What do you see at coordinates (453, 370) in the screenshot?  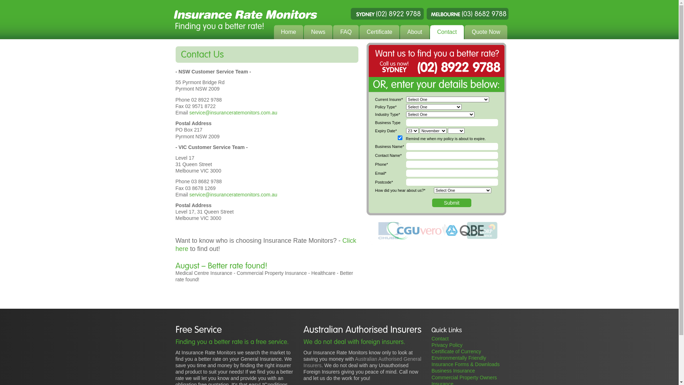 I see `'Business Insurance'` at bounding box center [453, 370].